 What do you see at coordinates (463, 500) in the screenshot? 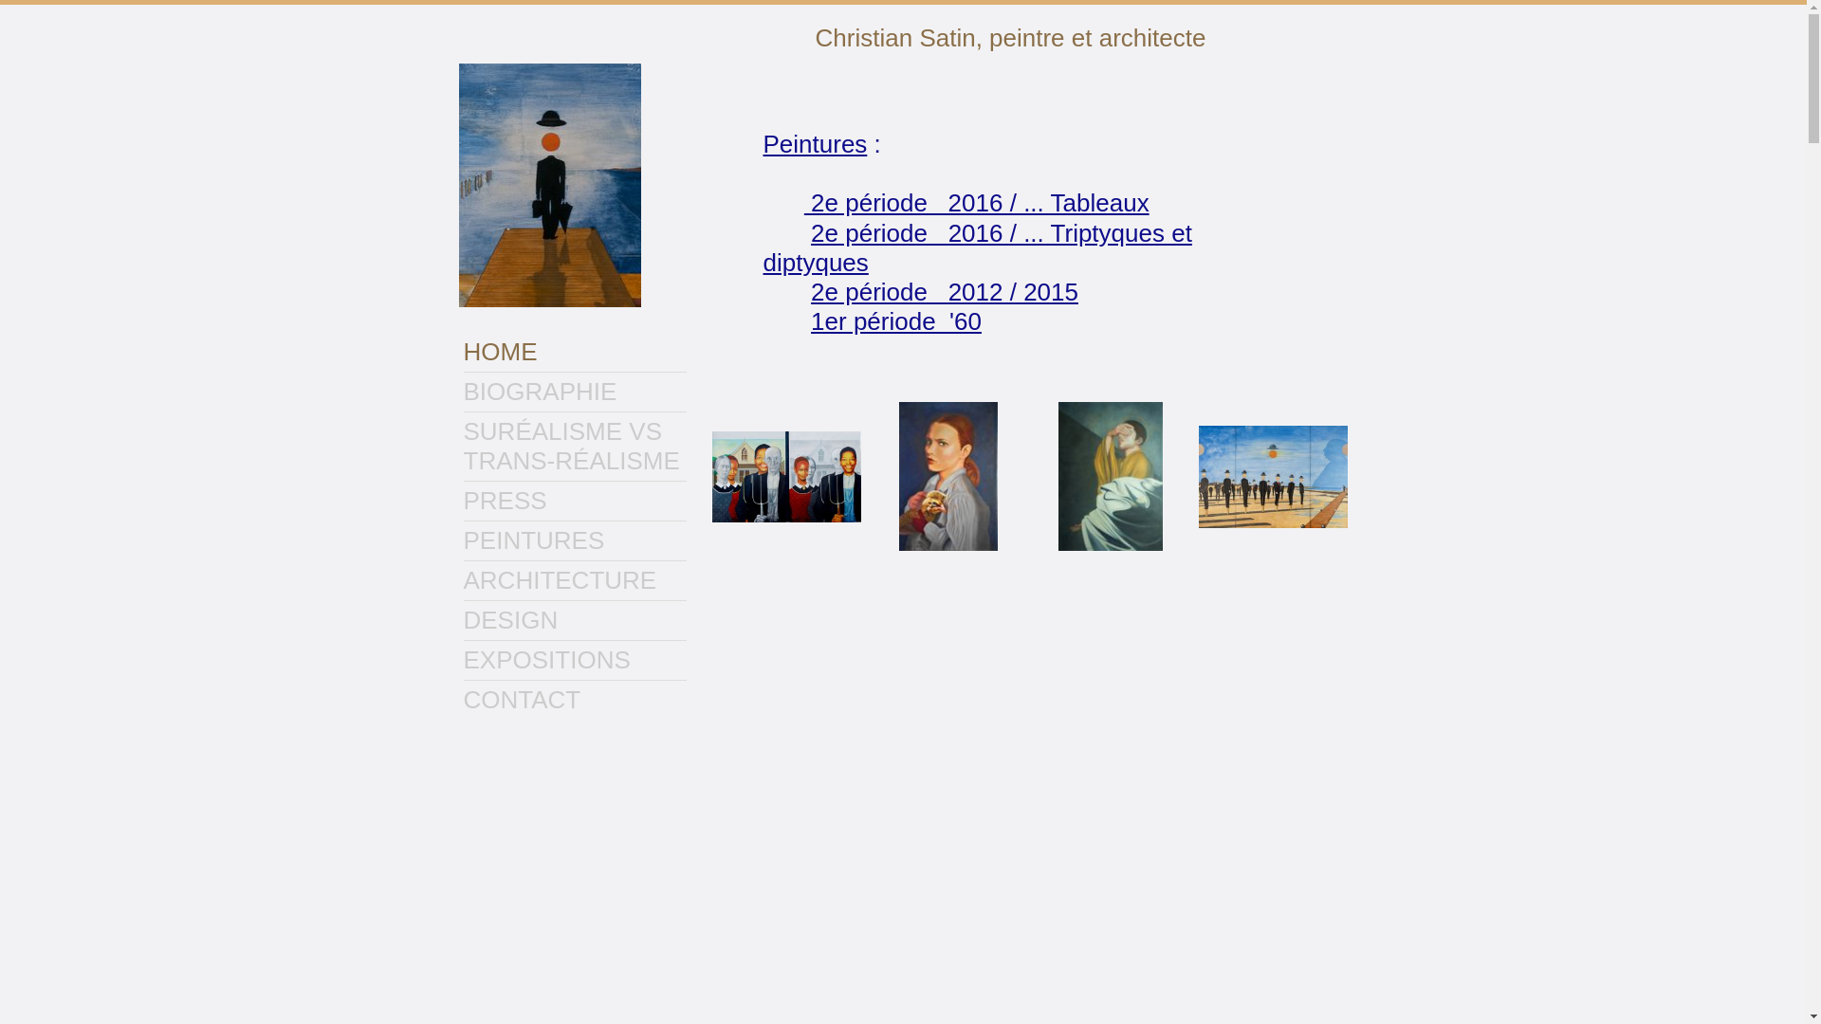
I see `'PRESS'` at bounding box center [463, 500].